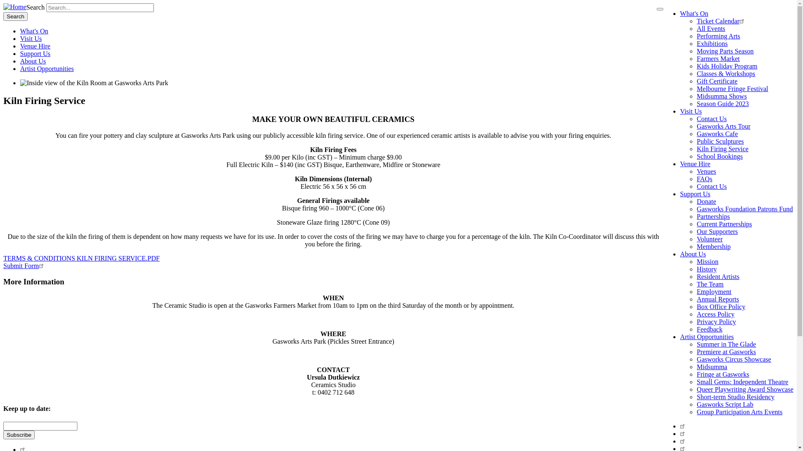 The image size is (803, 451). What do you see at coordinates (722, 374) in the screenshot?
I see `'Fringe at Gasworks'` at bounding box center [722, 374].